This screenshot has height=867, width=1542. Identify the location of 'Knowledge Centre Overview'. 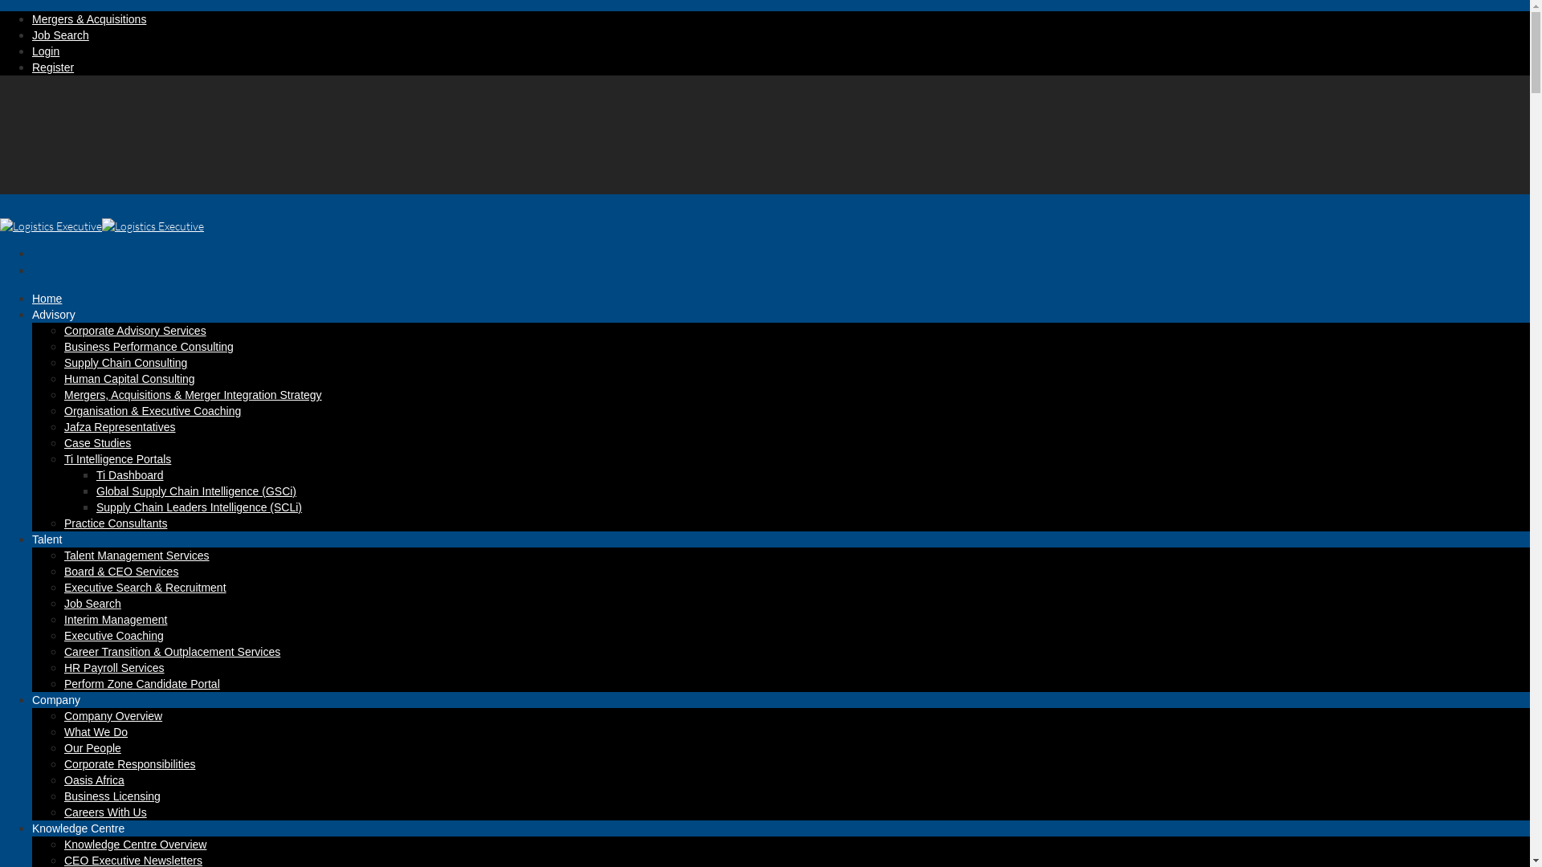
(64, 844).